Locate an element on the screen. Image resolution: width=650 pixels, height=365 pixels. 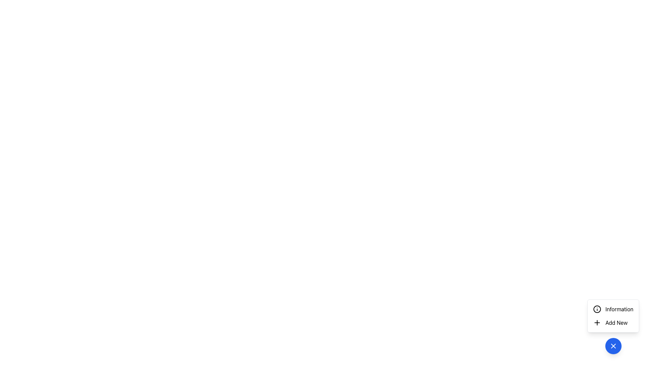
the circular button with a bright blue background and a white cross ('X') icon in the center is located at coordinates (613, 346).